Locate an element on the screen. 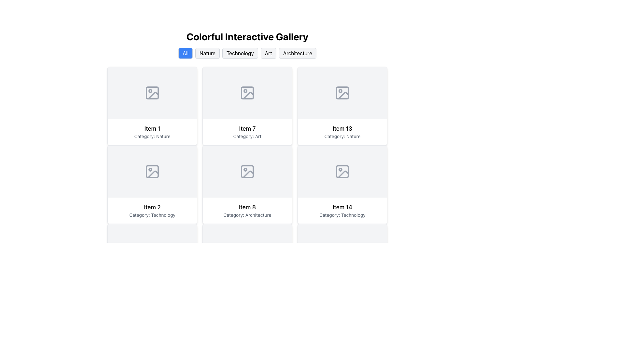  the grayed-out image placeholder icon located in the third column of the second row of a grid layout, within the card labeled 'Item 8' under 'Category: Architecture' is located at coordinates (247, 171).